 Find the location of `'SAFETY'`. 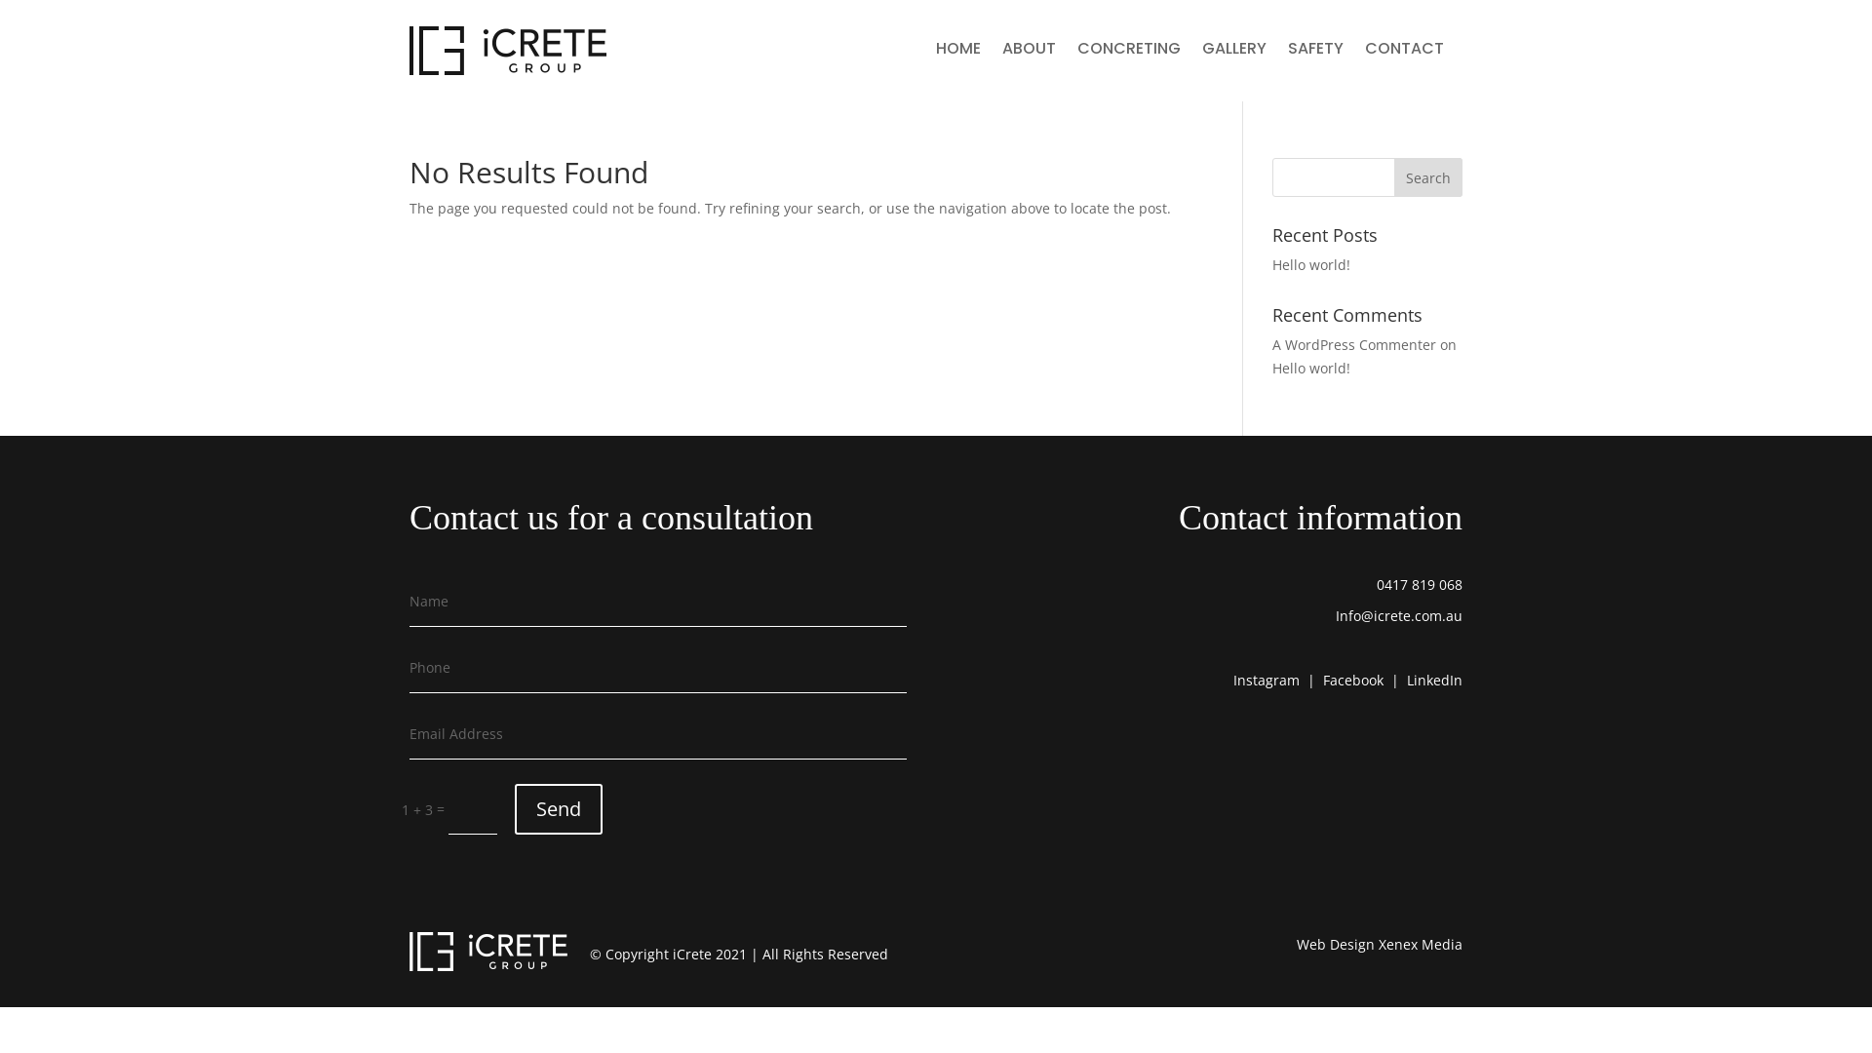

'SAFETY' is located at coordinates (1287, 52).